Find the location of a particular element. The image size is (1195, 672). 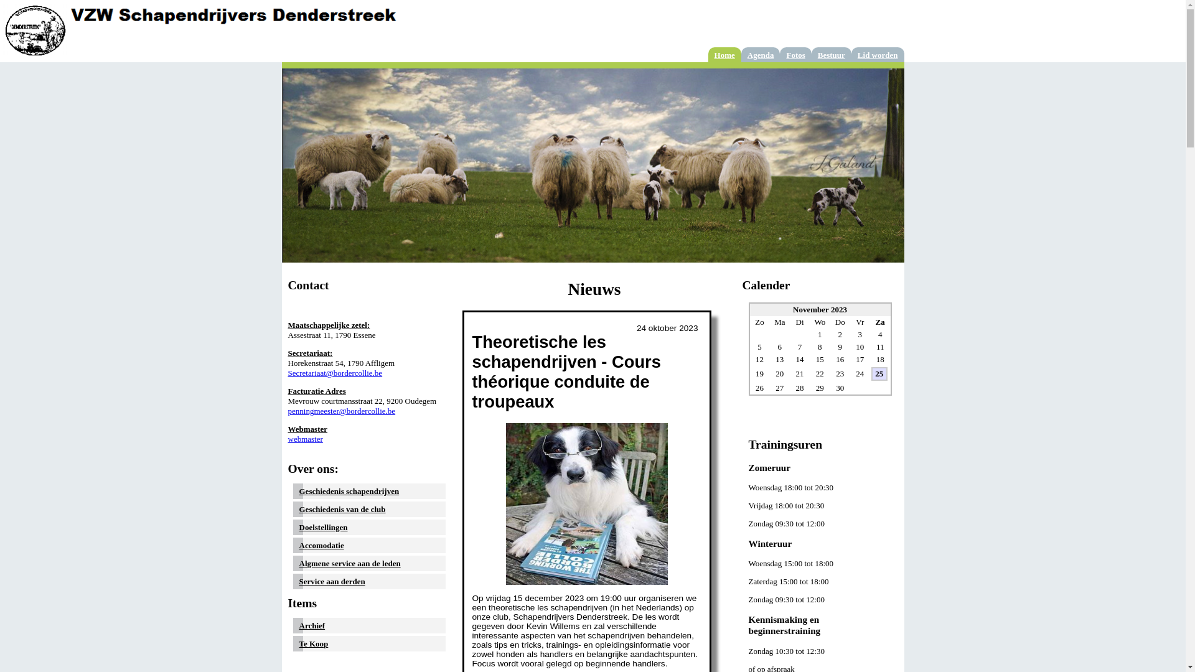

'Geschiedenis van de club' is located at coordinates (342, 509).